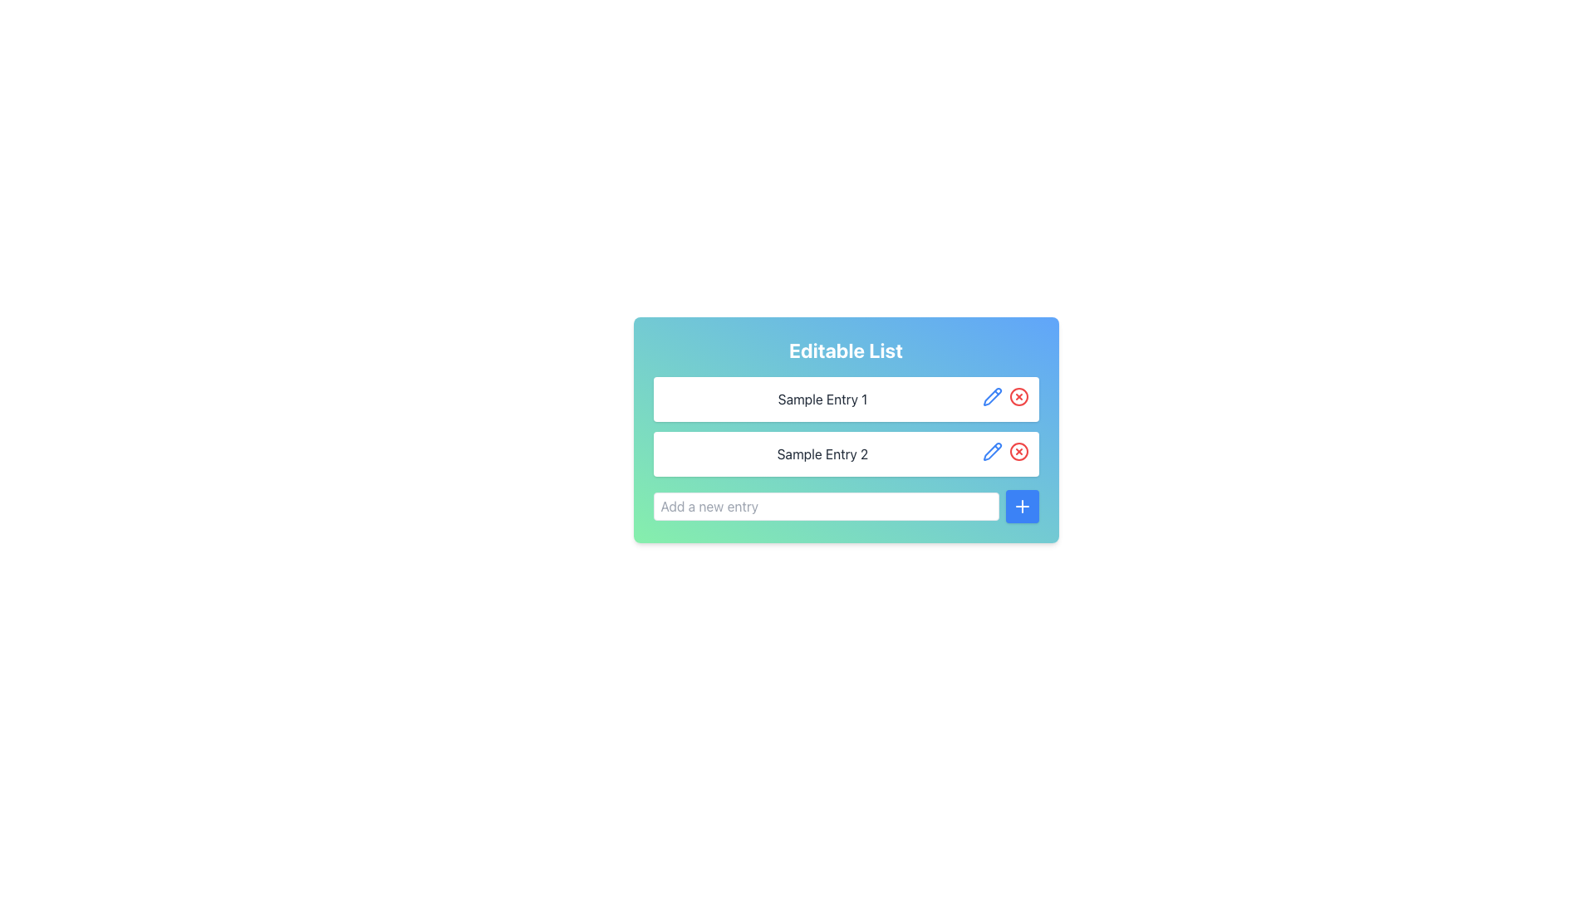 This screenshot has width=1595, height=897. Describe the element at coordinates (1021, 505) in the screenshot. I see `the button with a blue background and a white plus sign icon` at that location.